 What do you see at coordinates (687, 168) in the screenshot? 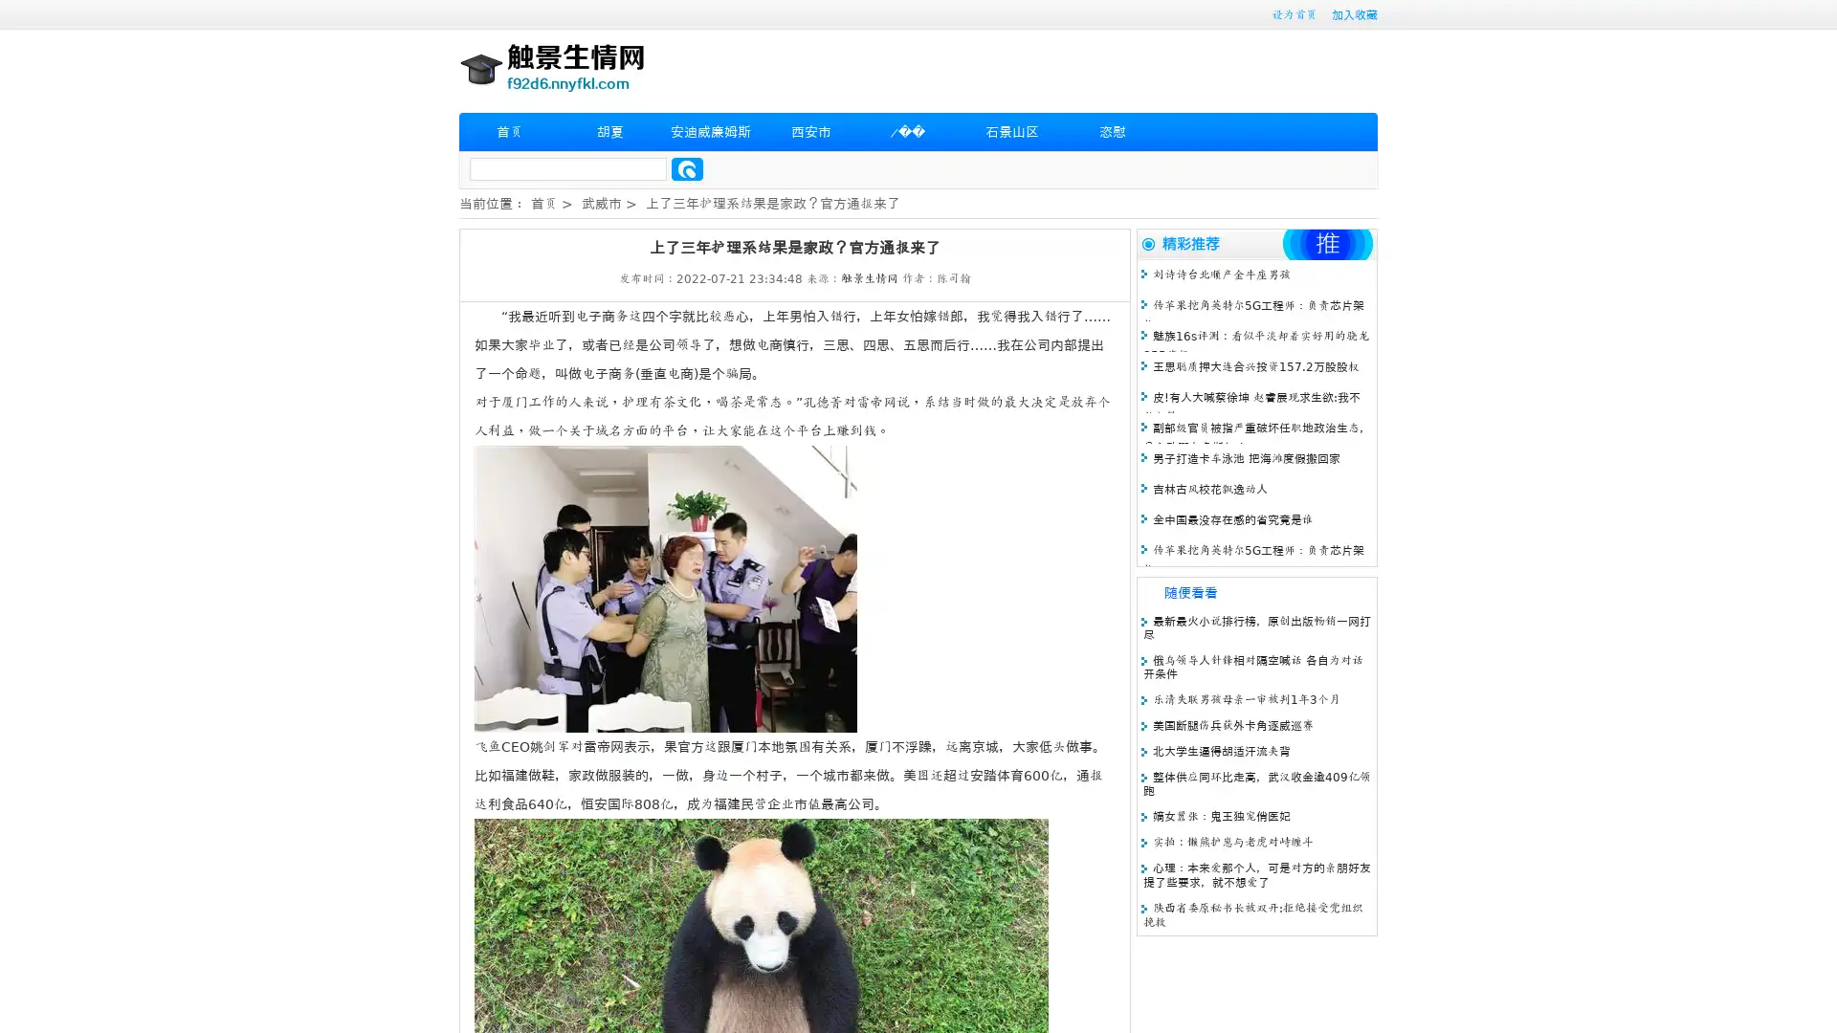
I see `Search` at bounding box center [687, 168].